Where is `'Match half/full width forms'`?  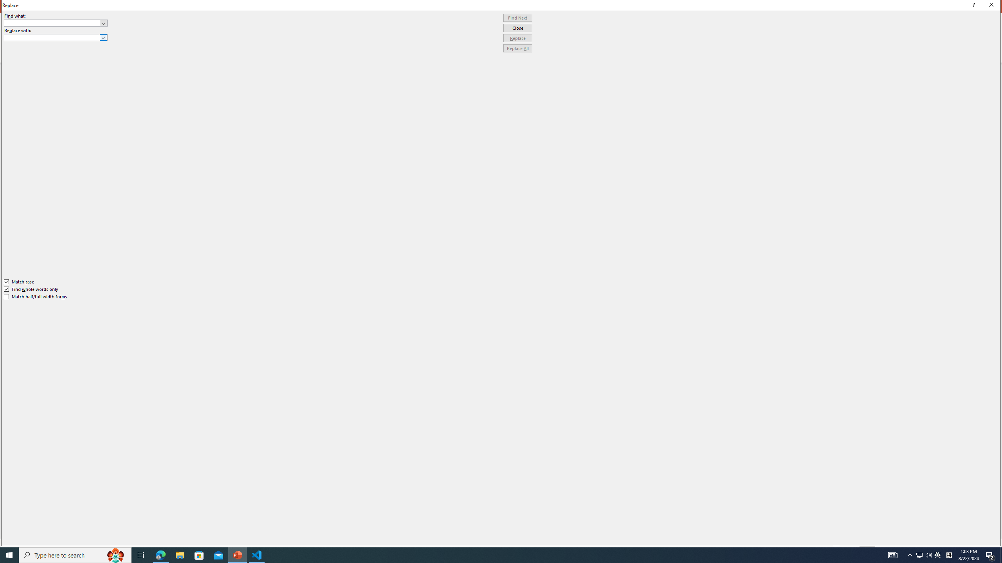
'Match half/full width forms' is located at coordinates (36, 296).